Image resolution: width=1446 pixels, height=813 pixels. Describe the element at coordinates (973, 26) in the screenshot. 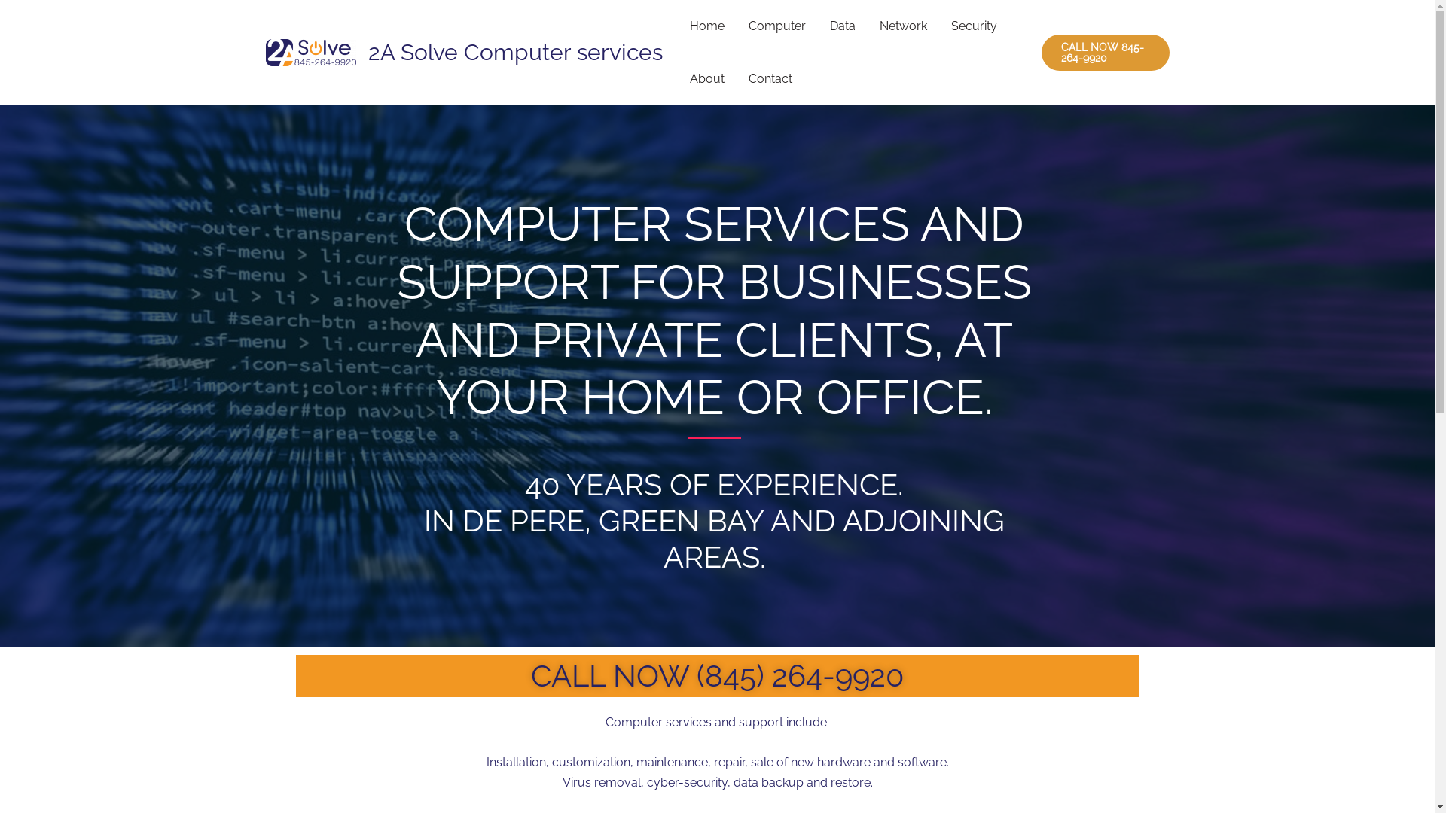

I see `'Security'` at that location.